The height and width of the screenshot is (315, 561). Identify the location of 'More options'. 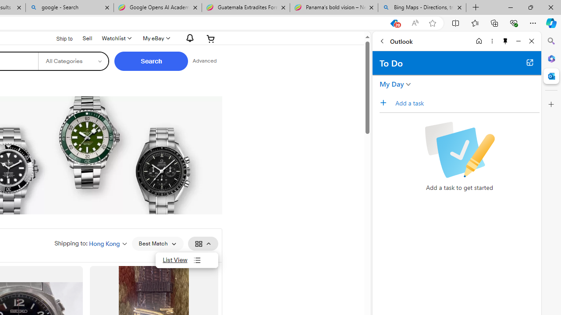
(492, 41).